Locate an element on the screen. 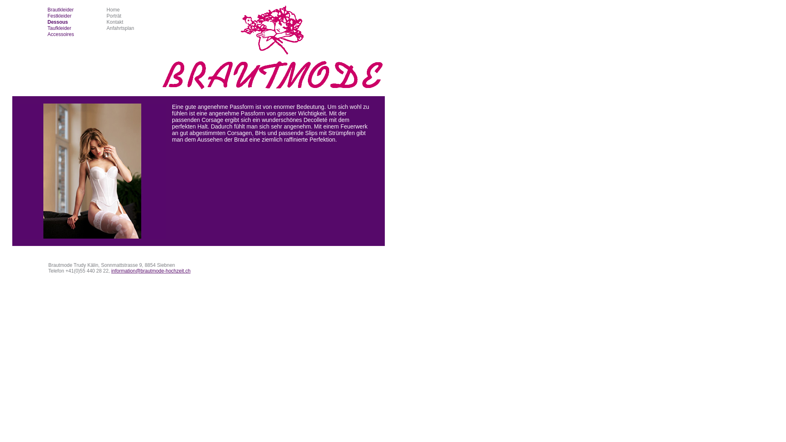 The width and height of the screenshot is (786, 442). 'Taufkleider' is located at coordinates (59, 28).